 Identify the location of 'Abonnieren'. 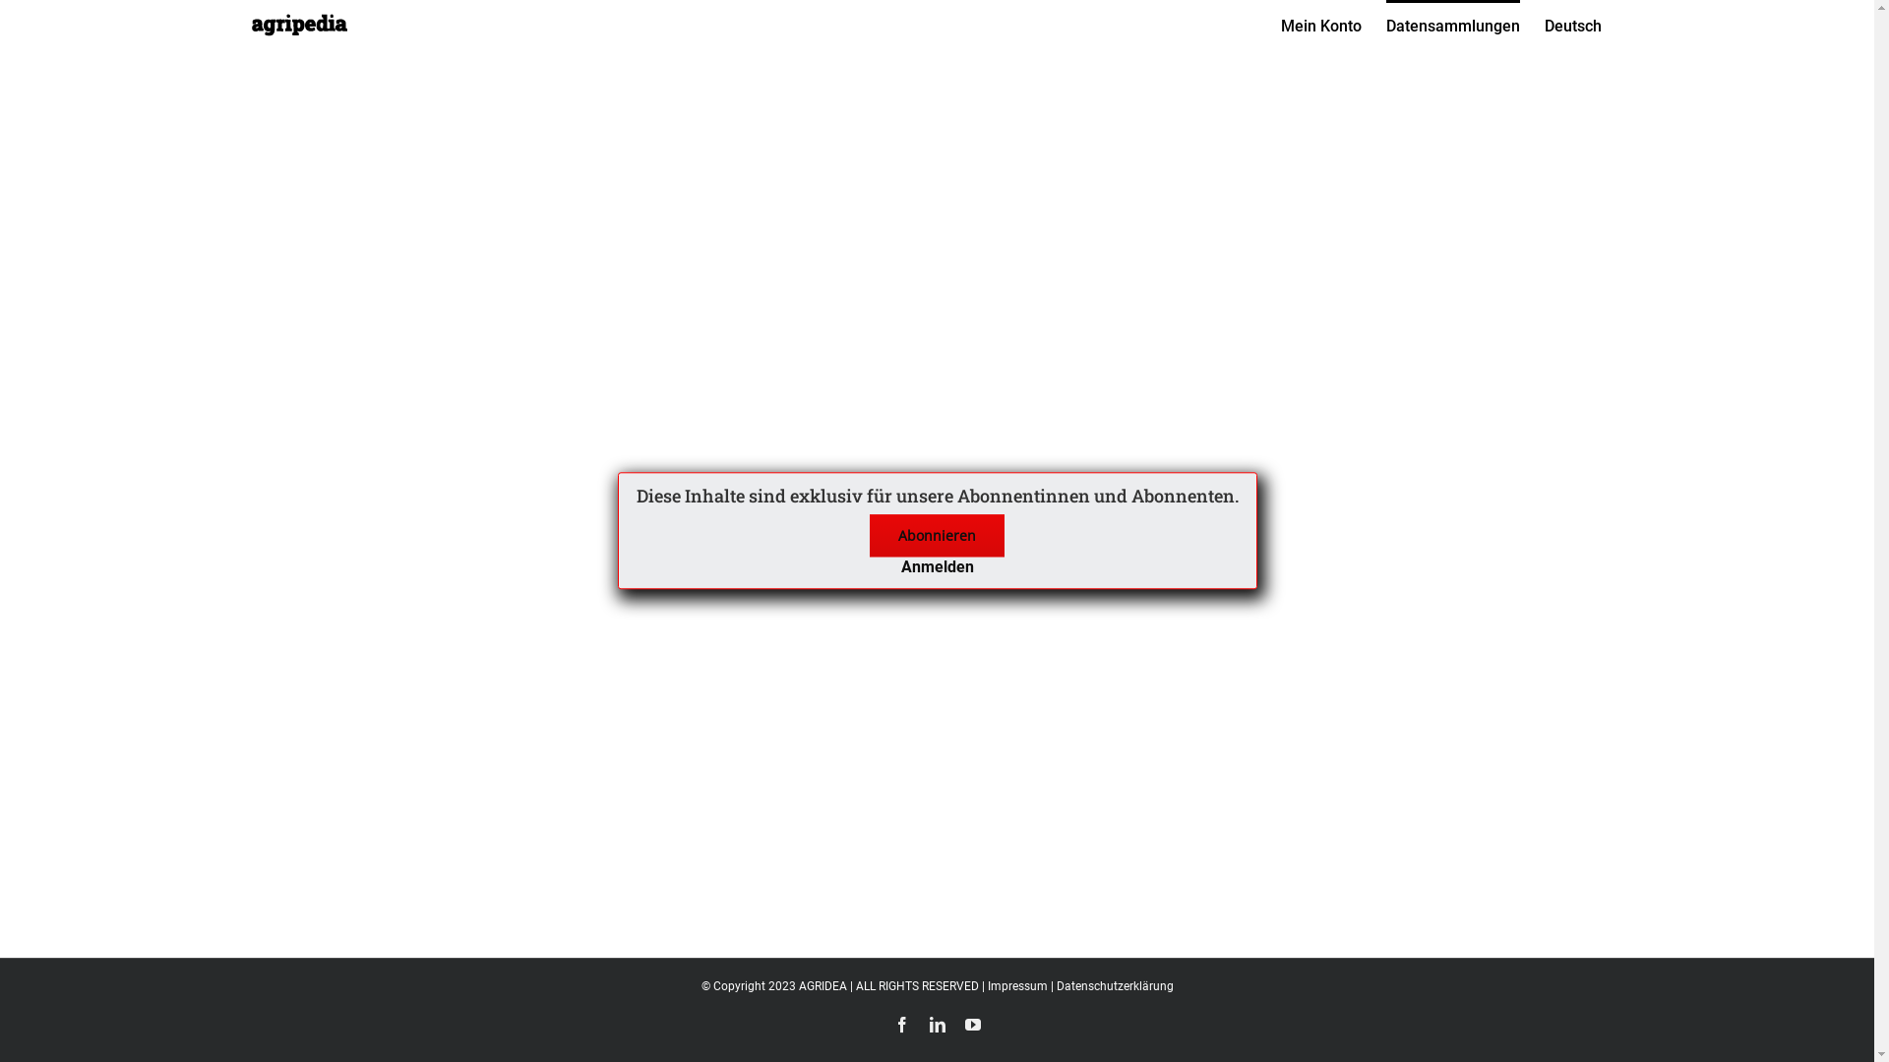
(868, 535).